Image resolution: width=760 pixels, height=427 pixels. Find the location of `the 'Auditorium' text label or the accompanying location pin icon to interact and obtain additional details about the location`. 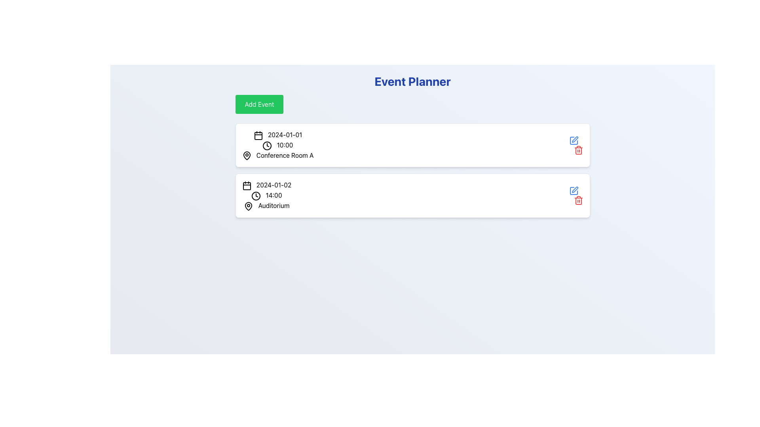

the 'Auditorium' text label or the accompanying location pin icon to interact and obtain additional details about the location is located at coordinates (266, 205).